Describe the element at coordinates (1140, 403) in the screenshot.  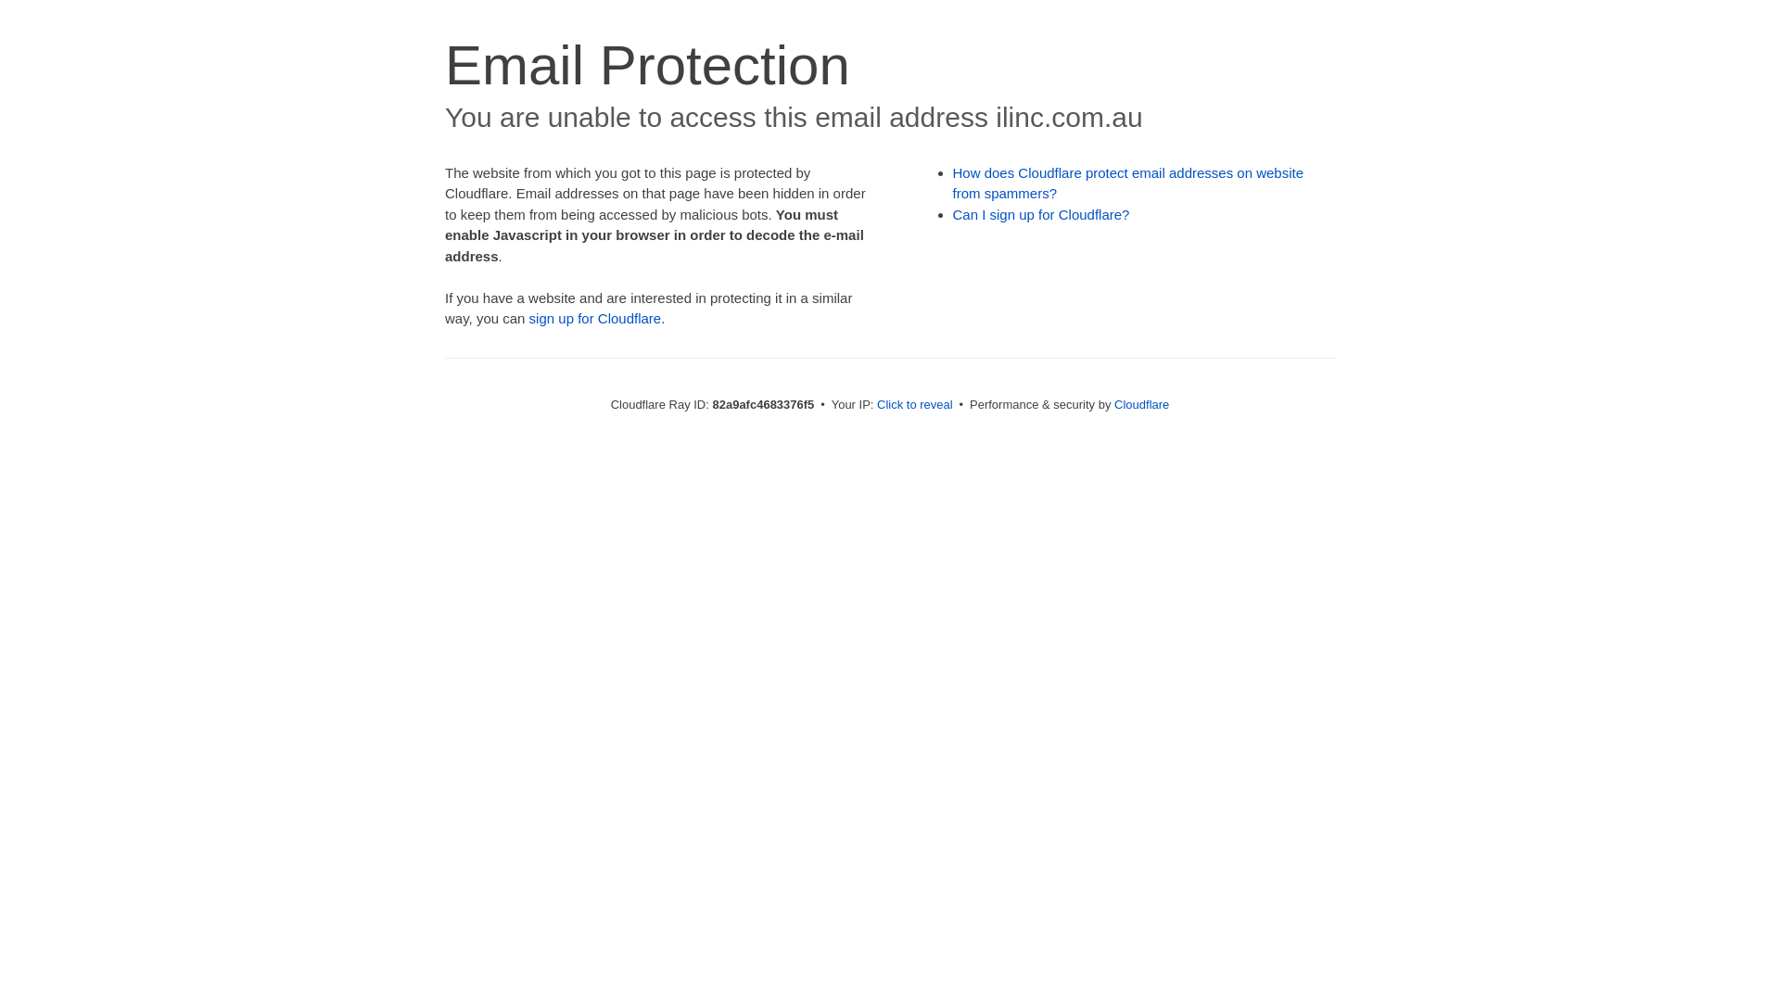
I see `'Cloudflare'` at that location.